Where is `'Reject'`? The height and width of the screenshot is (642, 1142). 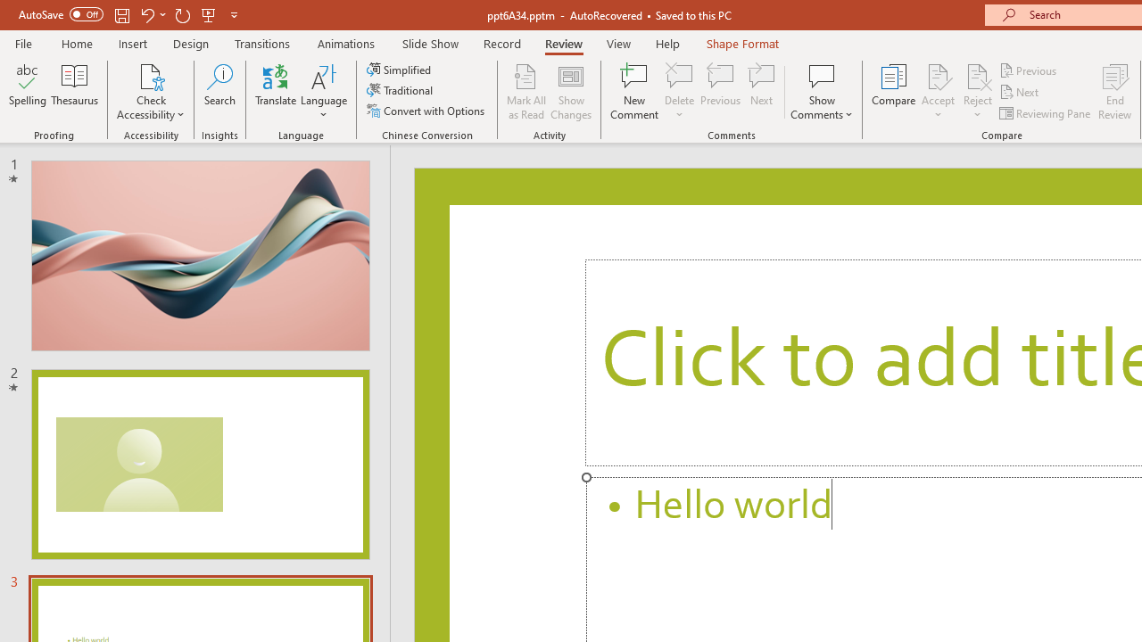 'Reject' is located at coordinates (977, 92).